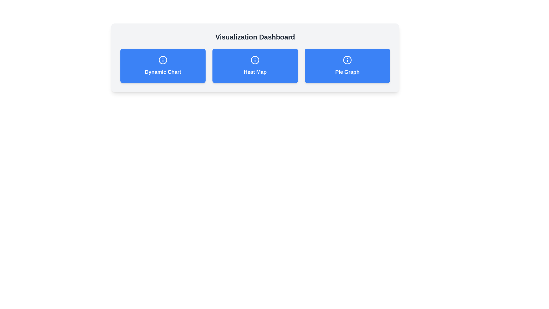  What do you see at coordinates (347, 60) in the screenshot?
I see `the decorative icon within the rightmost 'Pie Graph' button in the 'Visualization Dashboard'` at bounding box center [347, 60].